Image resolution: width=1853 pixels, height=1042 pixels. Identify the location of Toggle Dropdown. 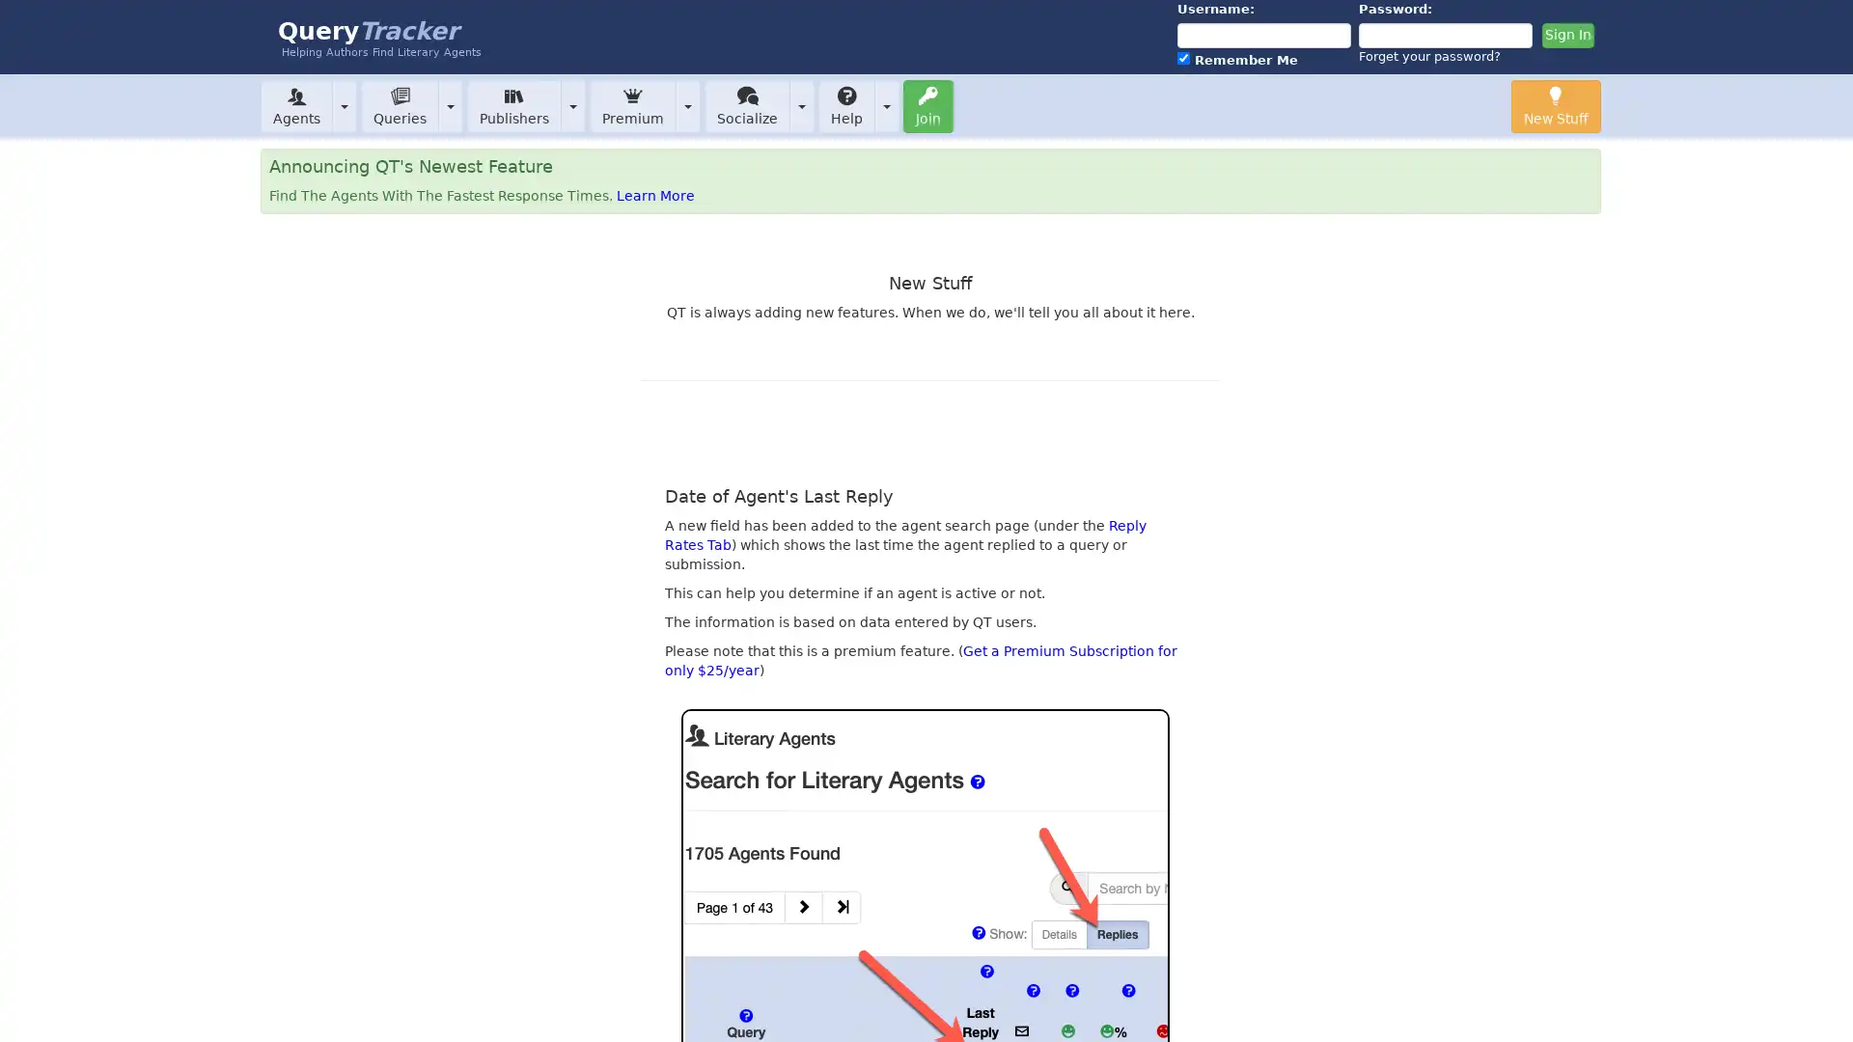
(572, 105).